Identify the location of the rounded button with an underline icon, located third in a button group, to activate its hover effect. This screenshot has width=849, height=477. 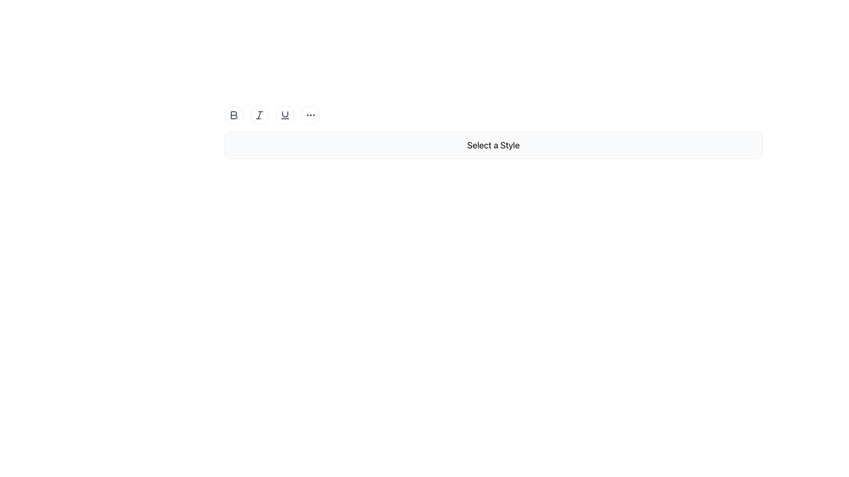
(285, 115).